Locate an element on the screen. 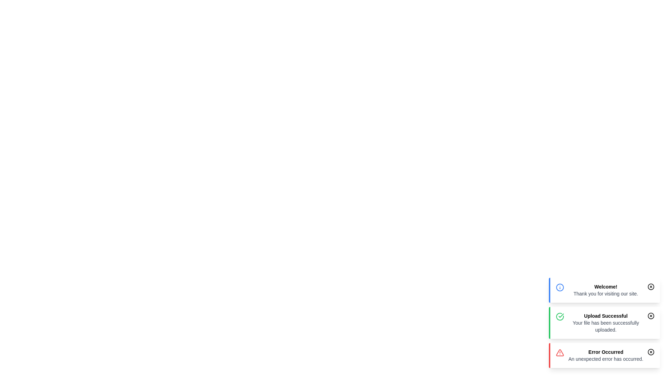  the text element displaying 'Welcome!' is located at coordinates (605, 286).